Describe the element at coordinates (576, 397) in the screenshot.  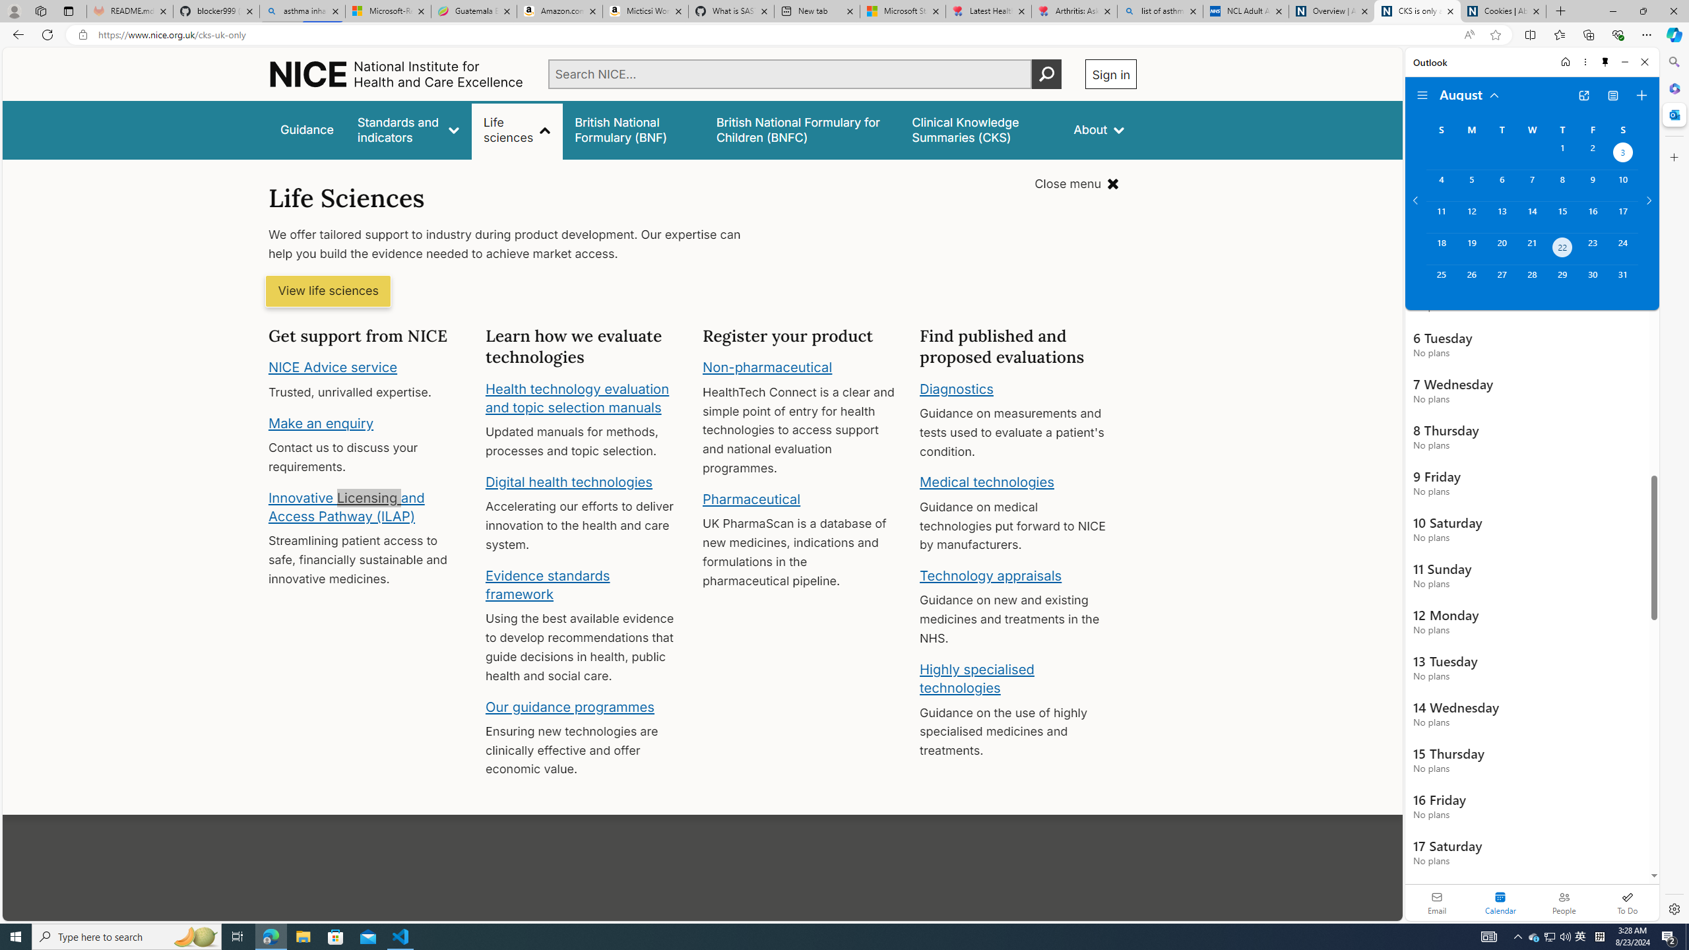
I see `'Health technology evaluation and topic selection manuals'` at that location.